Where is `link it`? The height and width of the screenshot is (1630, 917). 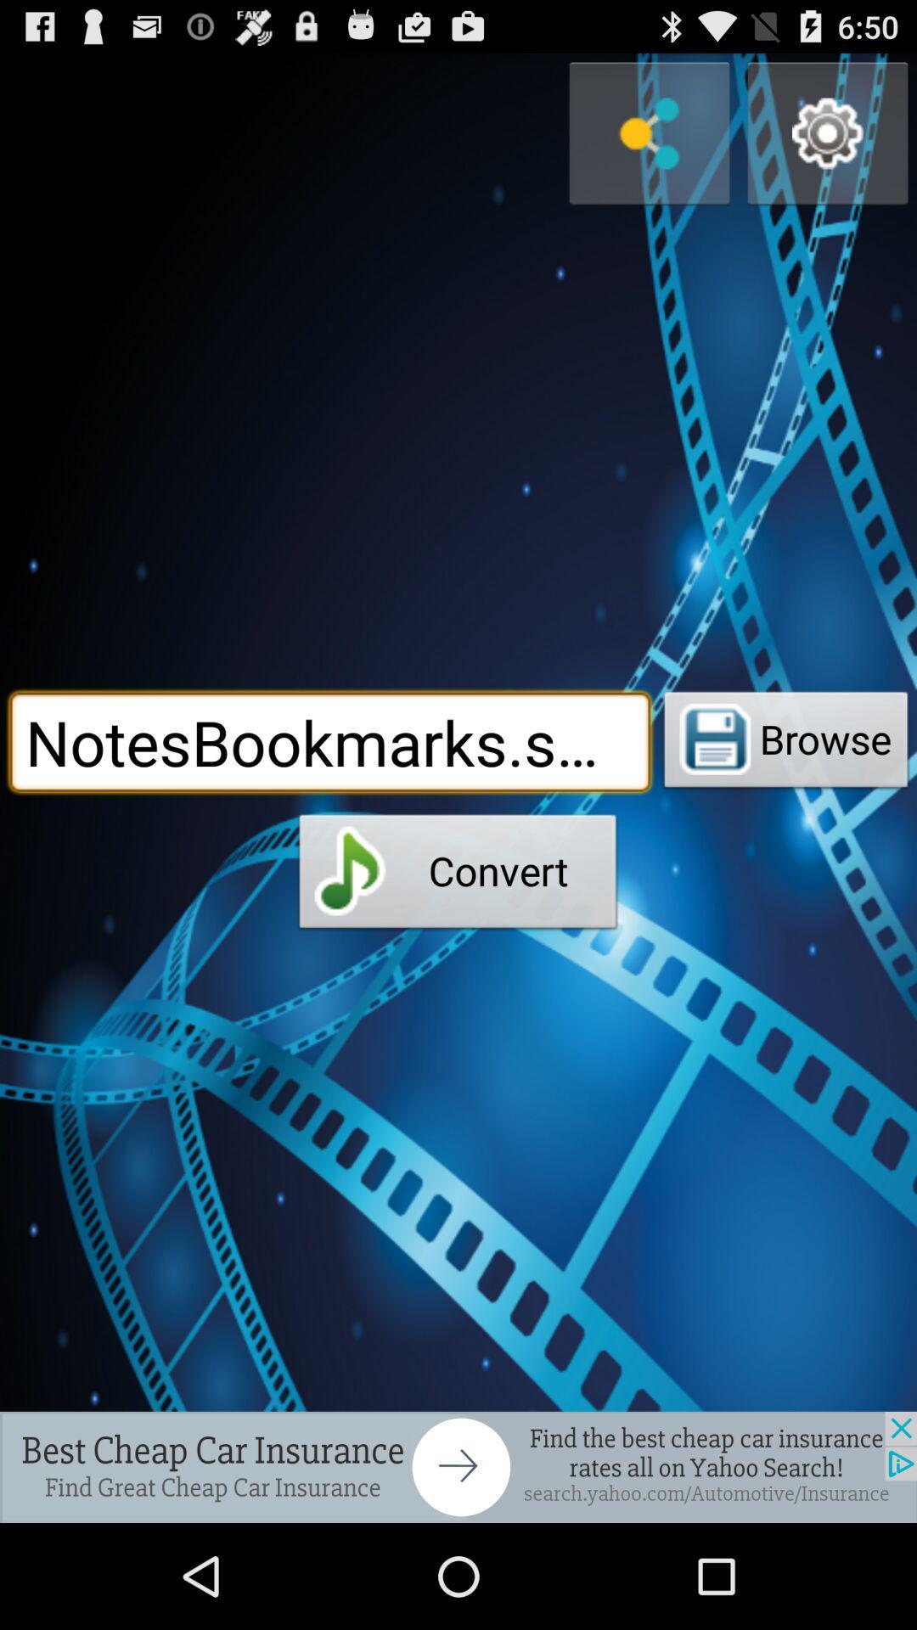
link it is located at coordinates (649, 132).